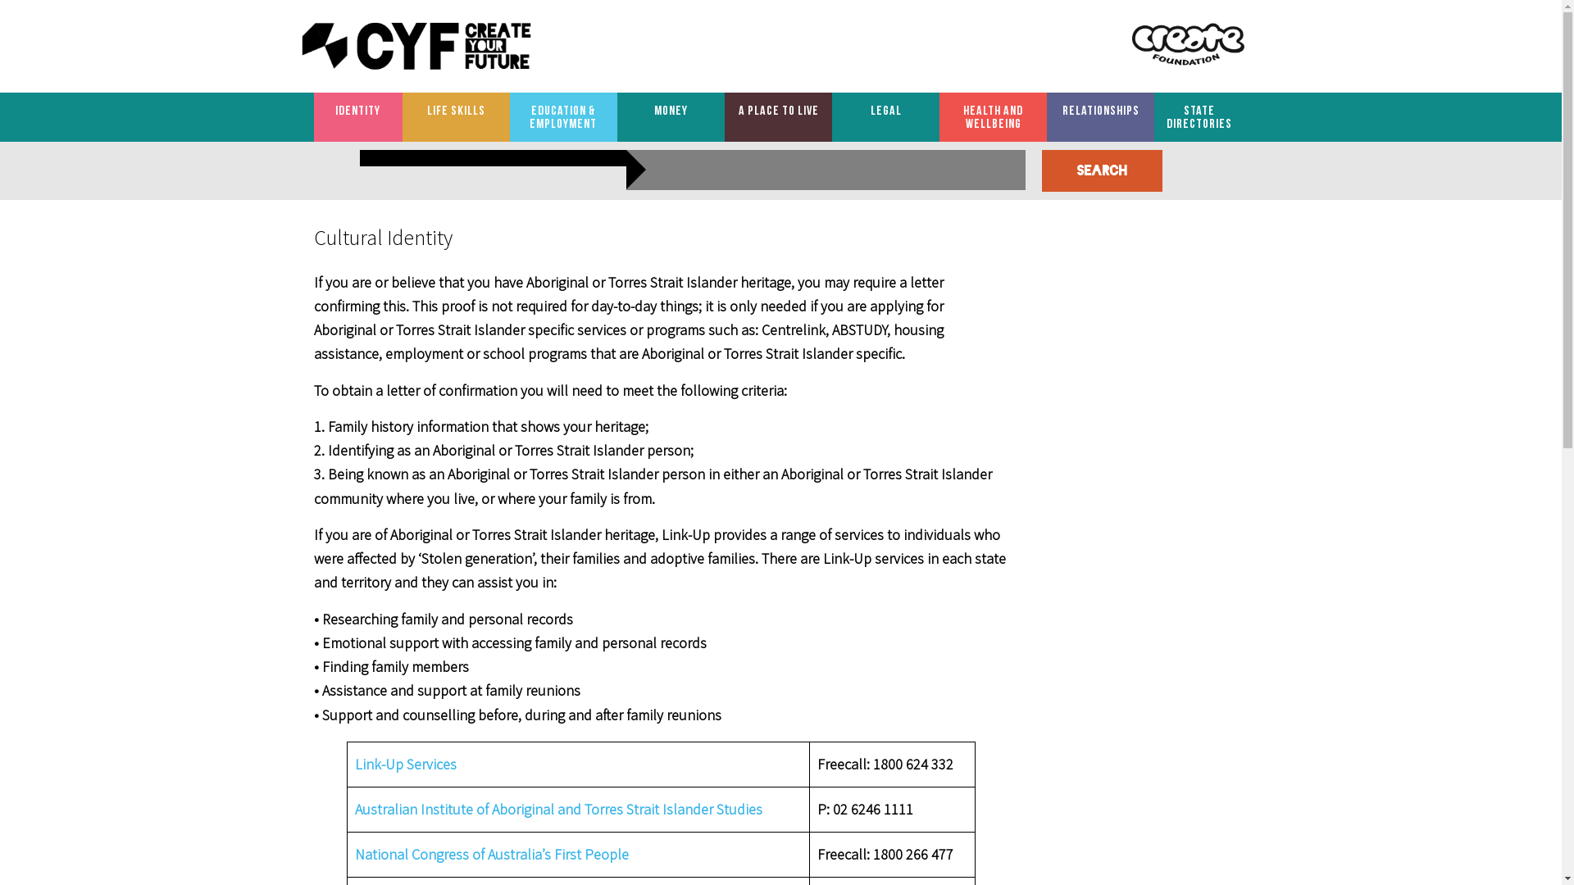 The height and width of the screenshot is (885, 1574). Describe the element at coordinates (777, 111) in the screenshot. I see `'A PLACE TO LIVE'` at that location.